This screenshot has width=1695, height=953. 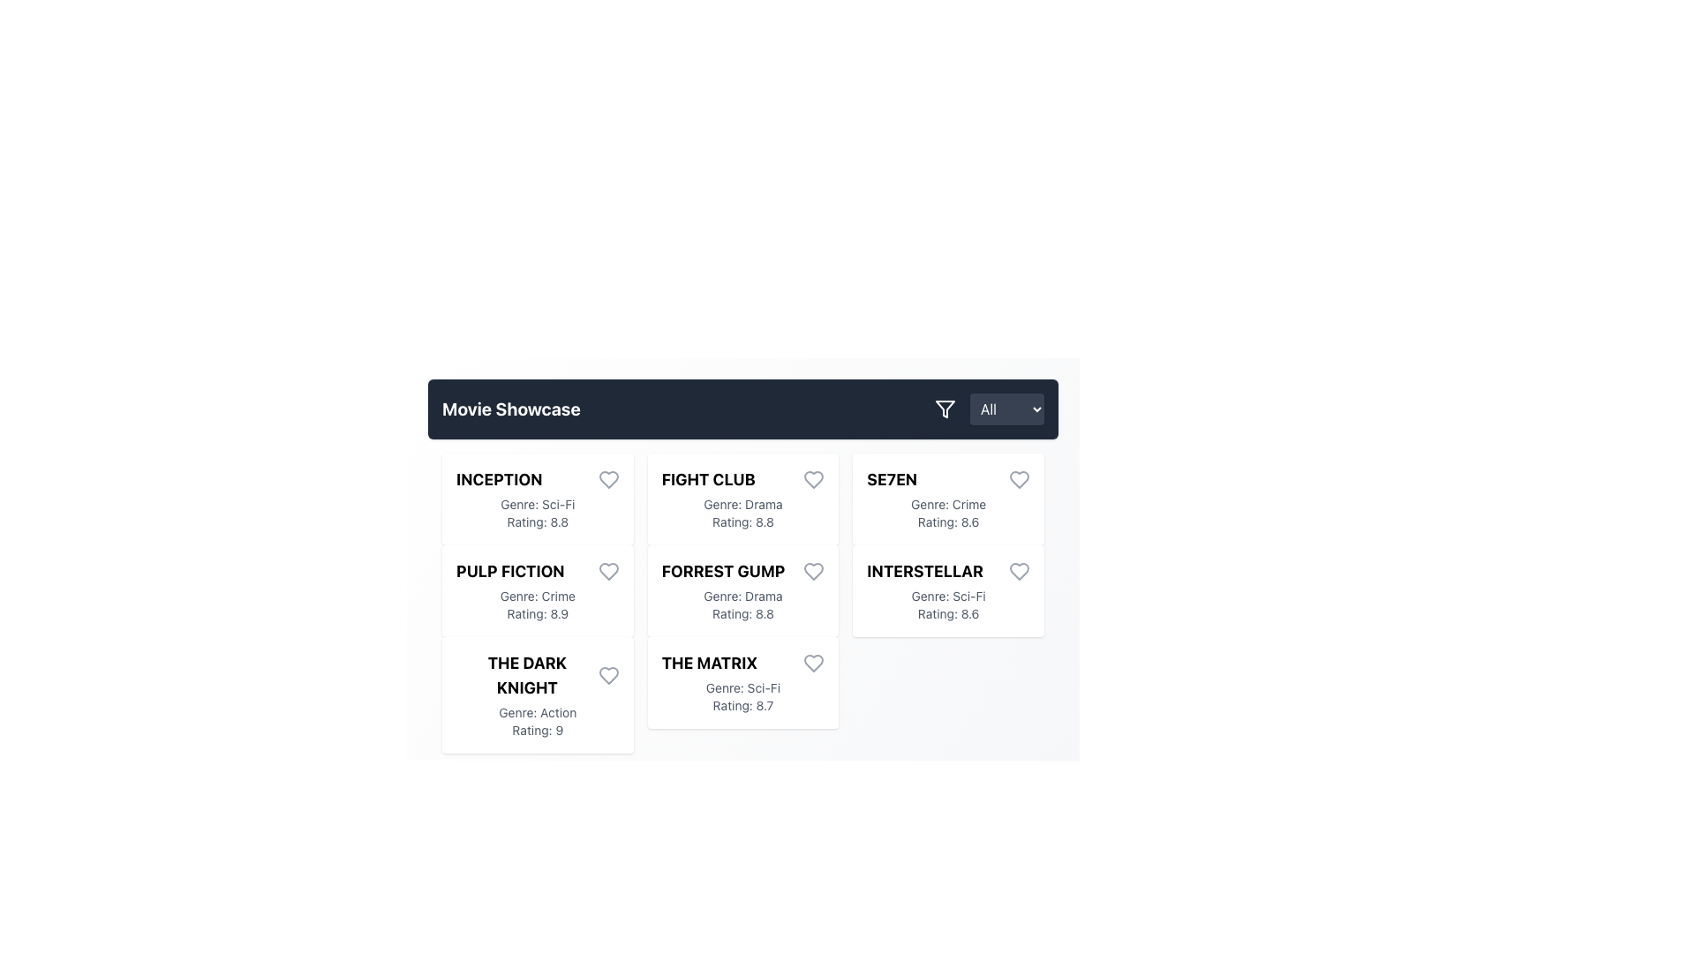 I want to click on the text label identifying the movie title positioned in the third card of the first column, located above 'The Matrix' and below 'PULP FICTION', so click(x=537, y=675).